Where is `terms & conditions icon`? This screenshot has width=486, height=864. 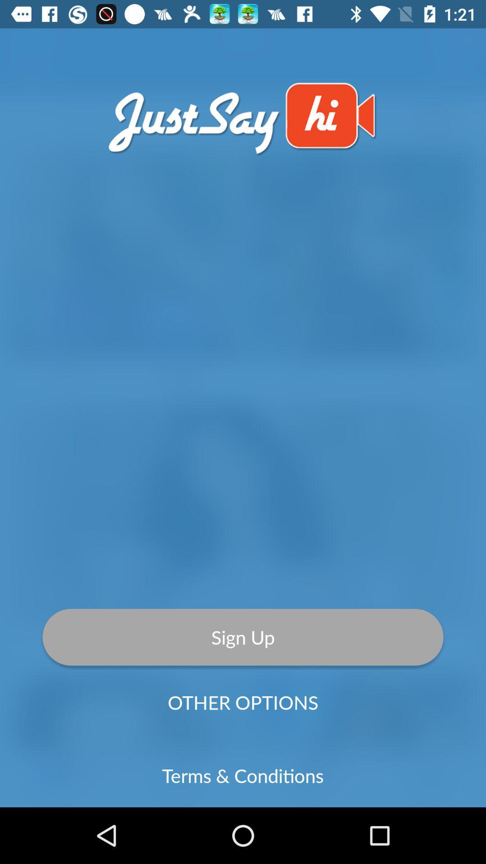 terms & conditions icon is located at coordinates (242, 775).